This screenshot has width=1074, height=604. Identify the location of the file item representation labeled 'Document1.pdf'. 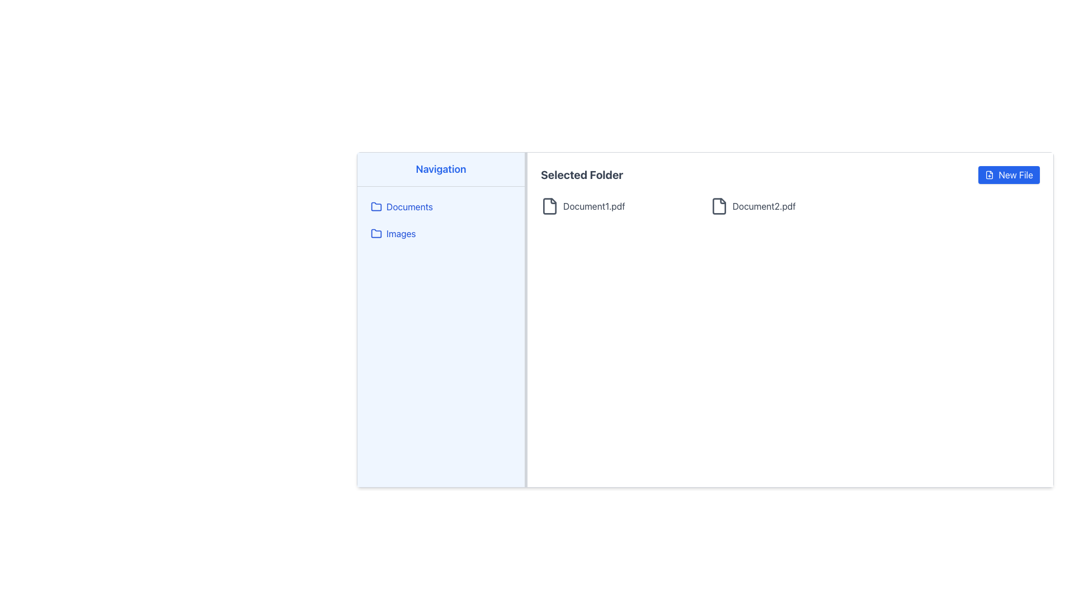
(620, 206).